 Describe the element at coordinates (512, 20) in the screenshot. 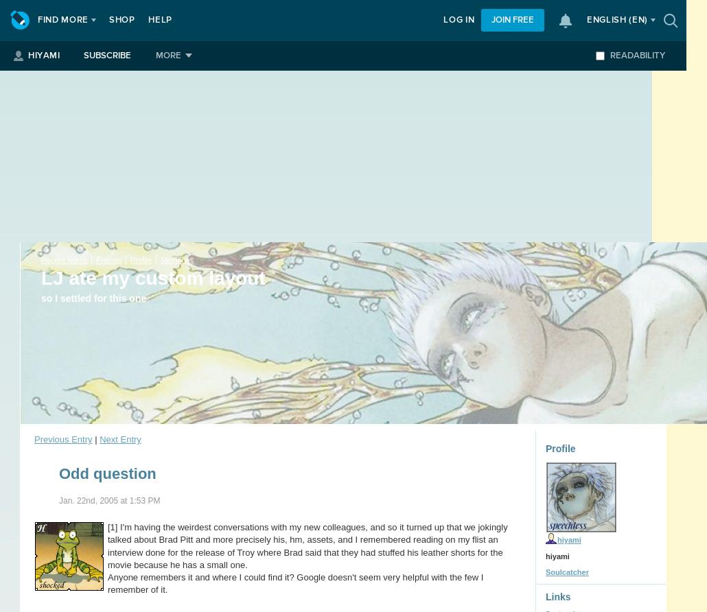

I see `'Join free'` at that location.